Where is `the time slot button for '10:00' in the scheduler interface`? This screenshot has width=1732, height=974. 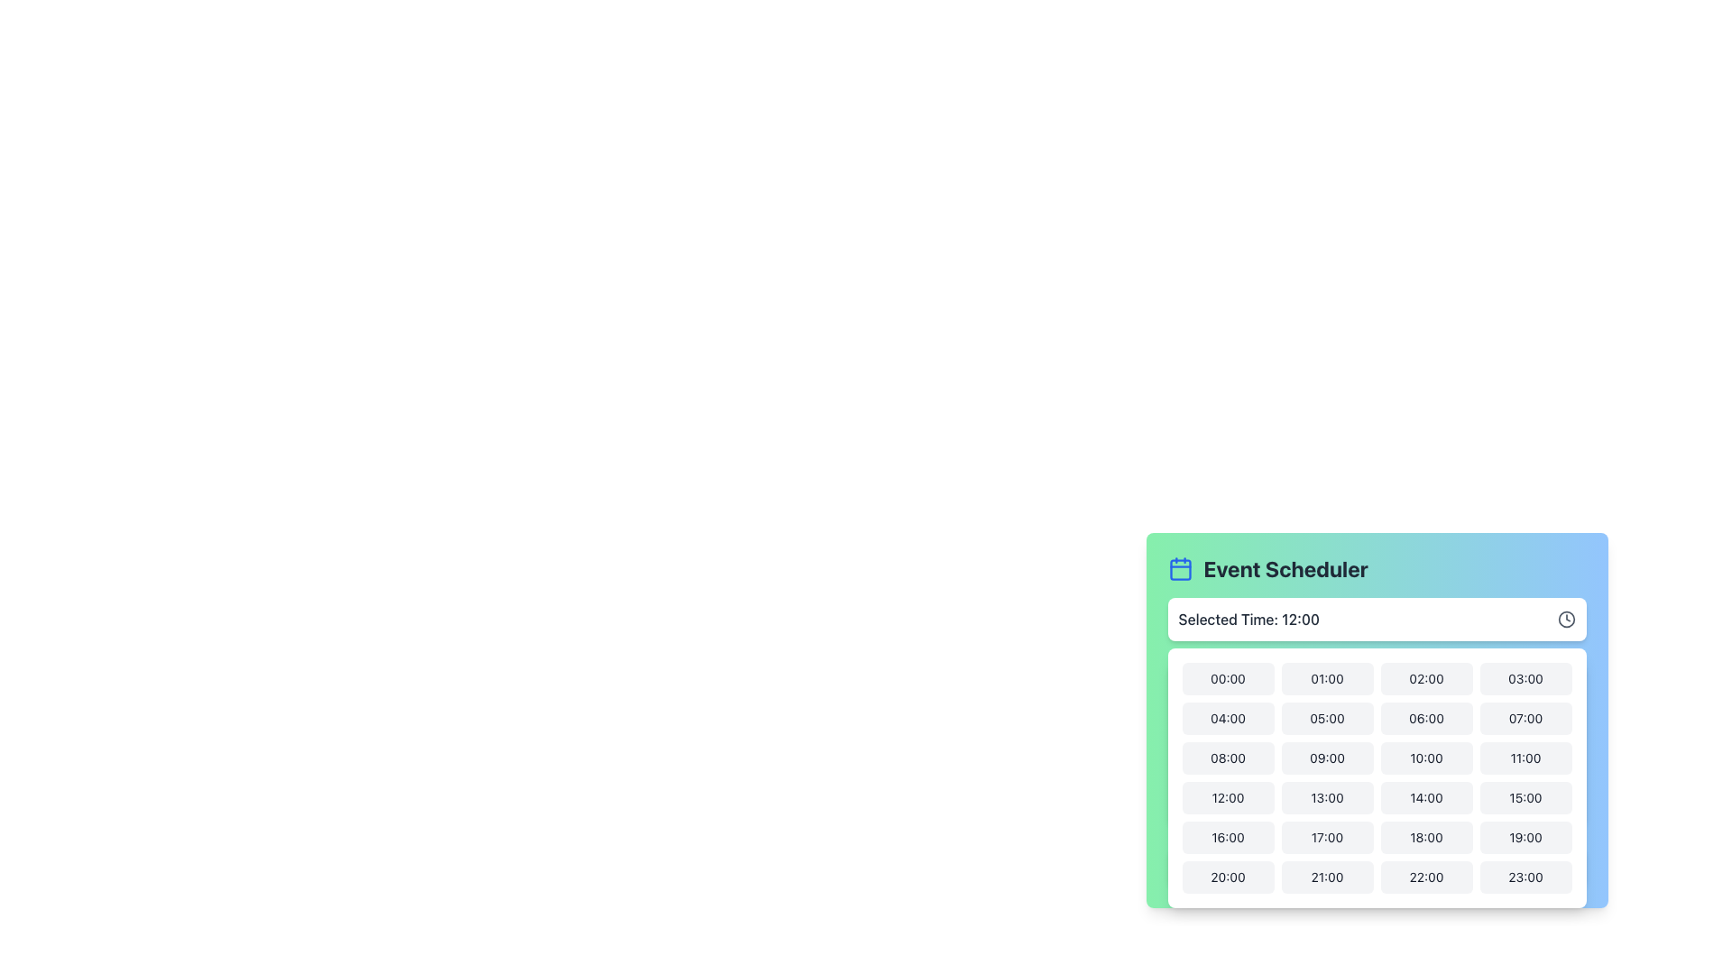
the time slot button for '10:00' in the scheduler interface is located at coordinates (1425, 758).